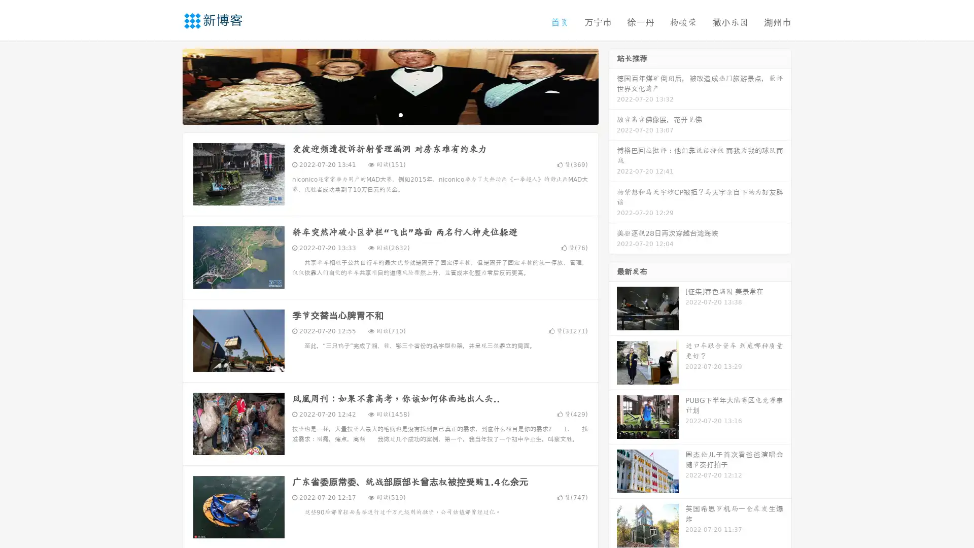 Image resolution: width=974 pixels, height=548 pixels. What do you see at coordinates (613, 85) in the screenshot?
I see `Next slide` at bounding box center [613, 85].